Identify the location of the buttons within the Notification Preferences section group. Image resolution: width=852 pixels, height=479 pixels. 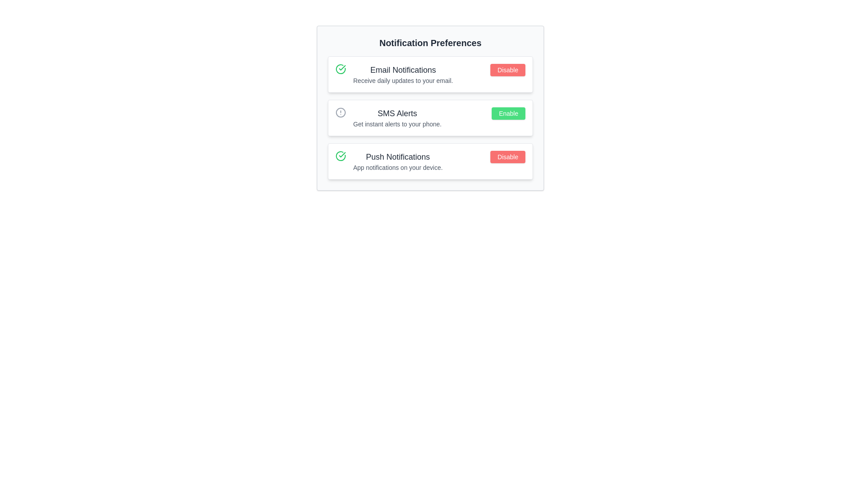
(430, 118).